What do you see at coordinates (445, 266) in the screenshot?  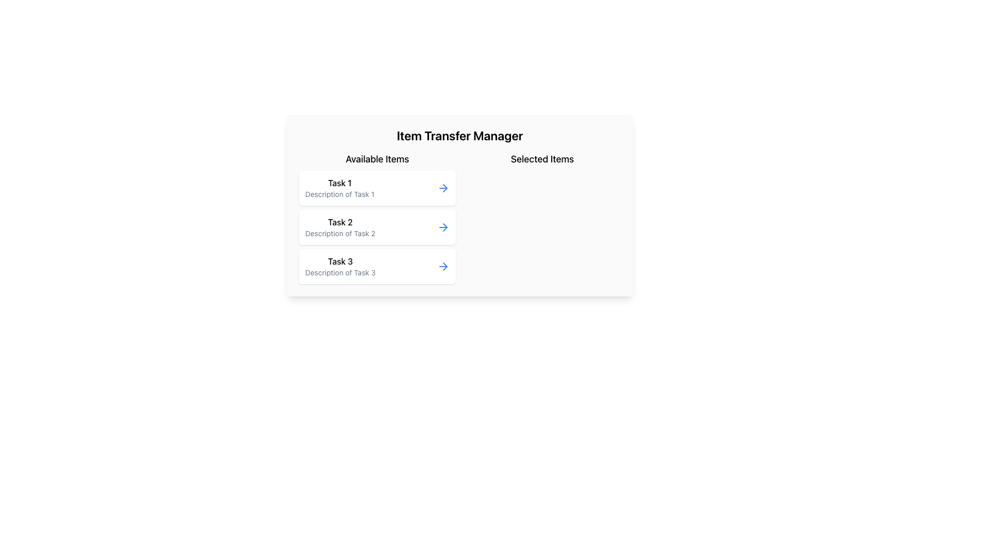 I see `the blue triangular arrowhead icon on the right side of the 'Task 2' card in the 'Available Items' list` at bounding box center [445, 266].